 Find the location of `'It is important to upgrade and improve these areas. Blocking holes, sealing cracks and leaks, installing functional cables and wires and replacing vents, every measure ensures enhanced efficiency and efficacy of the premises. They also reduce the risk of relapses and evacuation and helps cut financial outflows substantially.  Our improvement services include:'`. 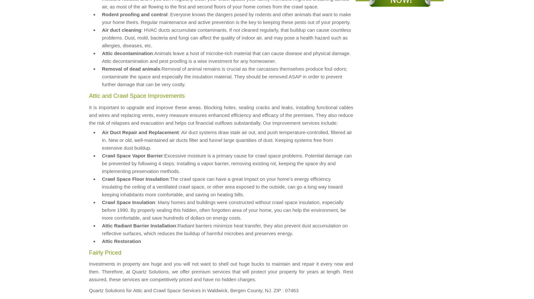

'It is important to upgrade and improve these areas. Blocking holes, sealing cracks and leaks, installing functional cables and wires and replacing vents, every measure ensures enhanced efficiency and efficacy of the premises. They also reduce the risk of relapses and evacuation and helps cut financial outflows substantially.  Our improvement services include:' is located at coordinates (220, 115).